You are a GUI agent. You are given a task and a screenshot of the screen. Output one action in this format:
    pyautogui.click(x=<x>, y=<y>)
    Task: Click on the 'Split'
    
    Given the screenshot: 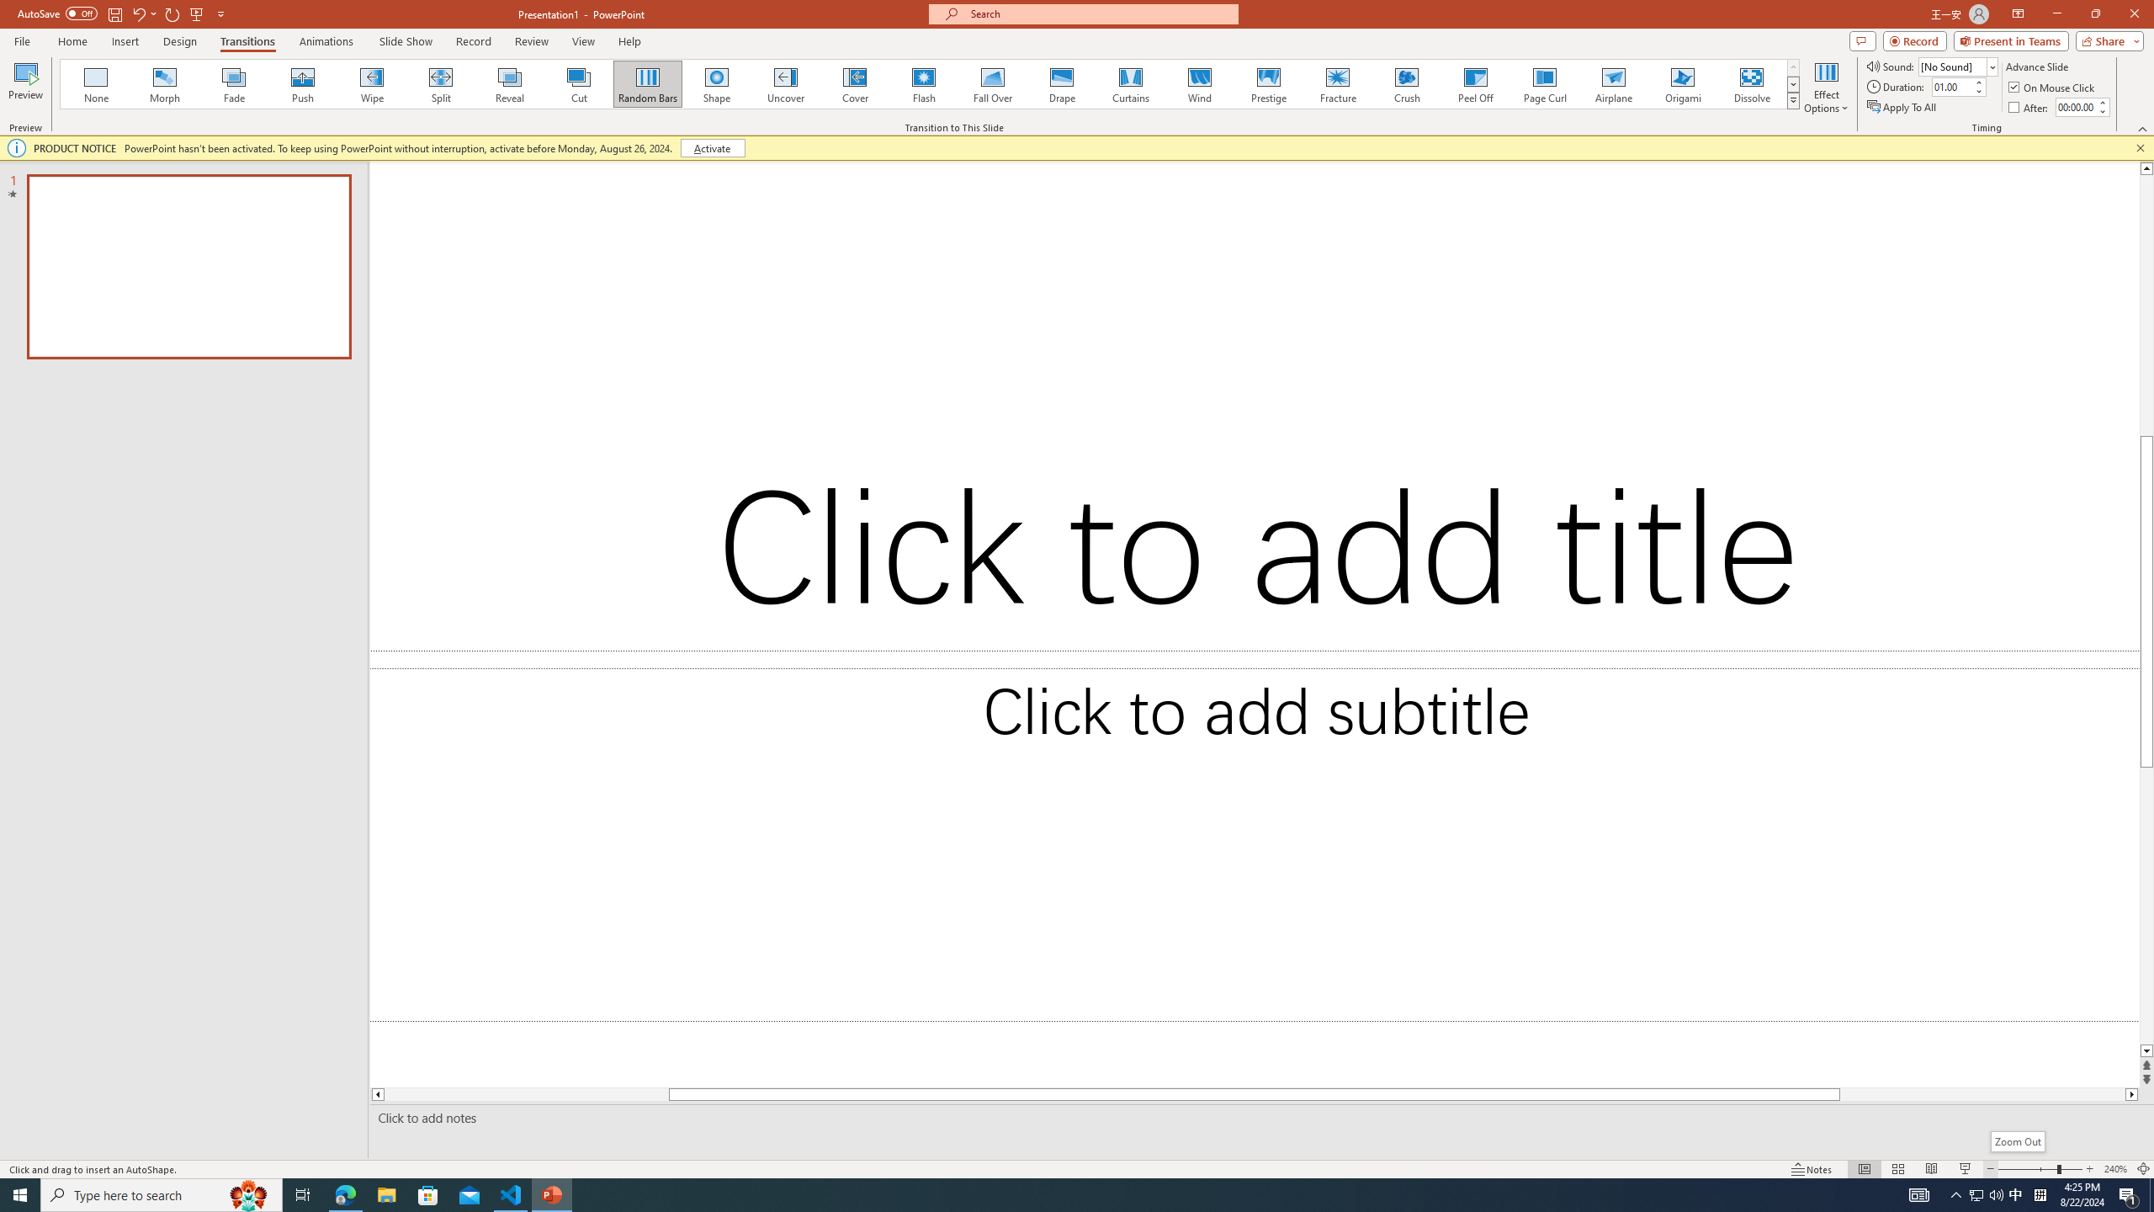 What is the action you would take?
    pyautogui.click(x=440, y=83)
    